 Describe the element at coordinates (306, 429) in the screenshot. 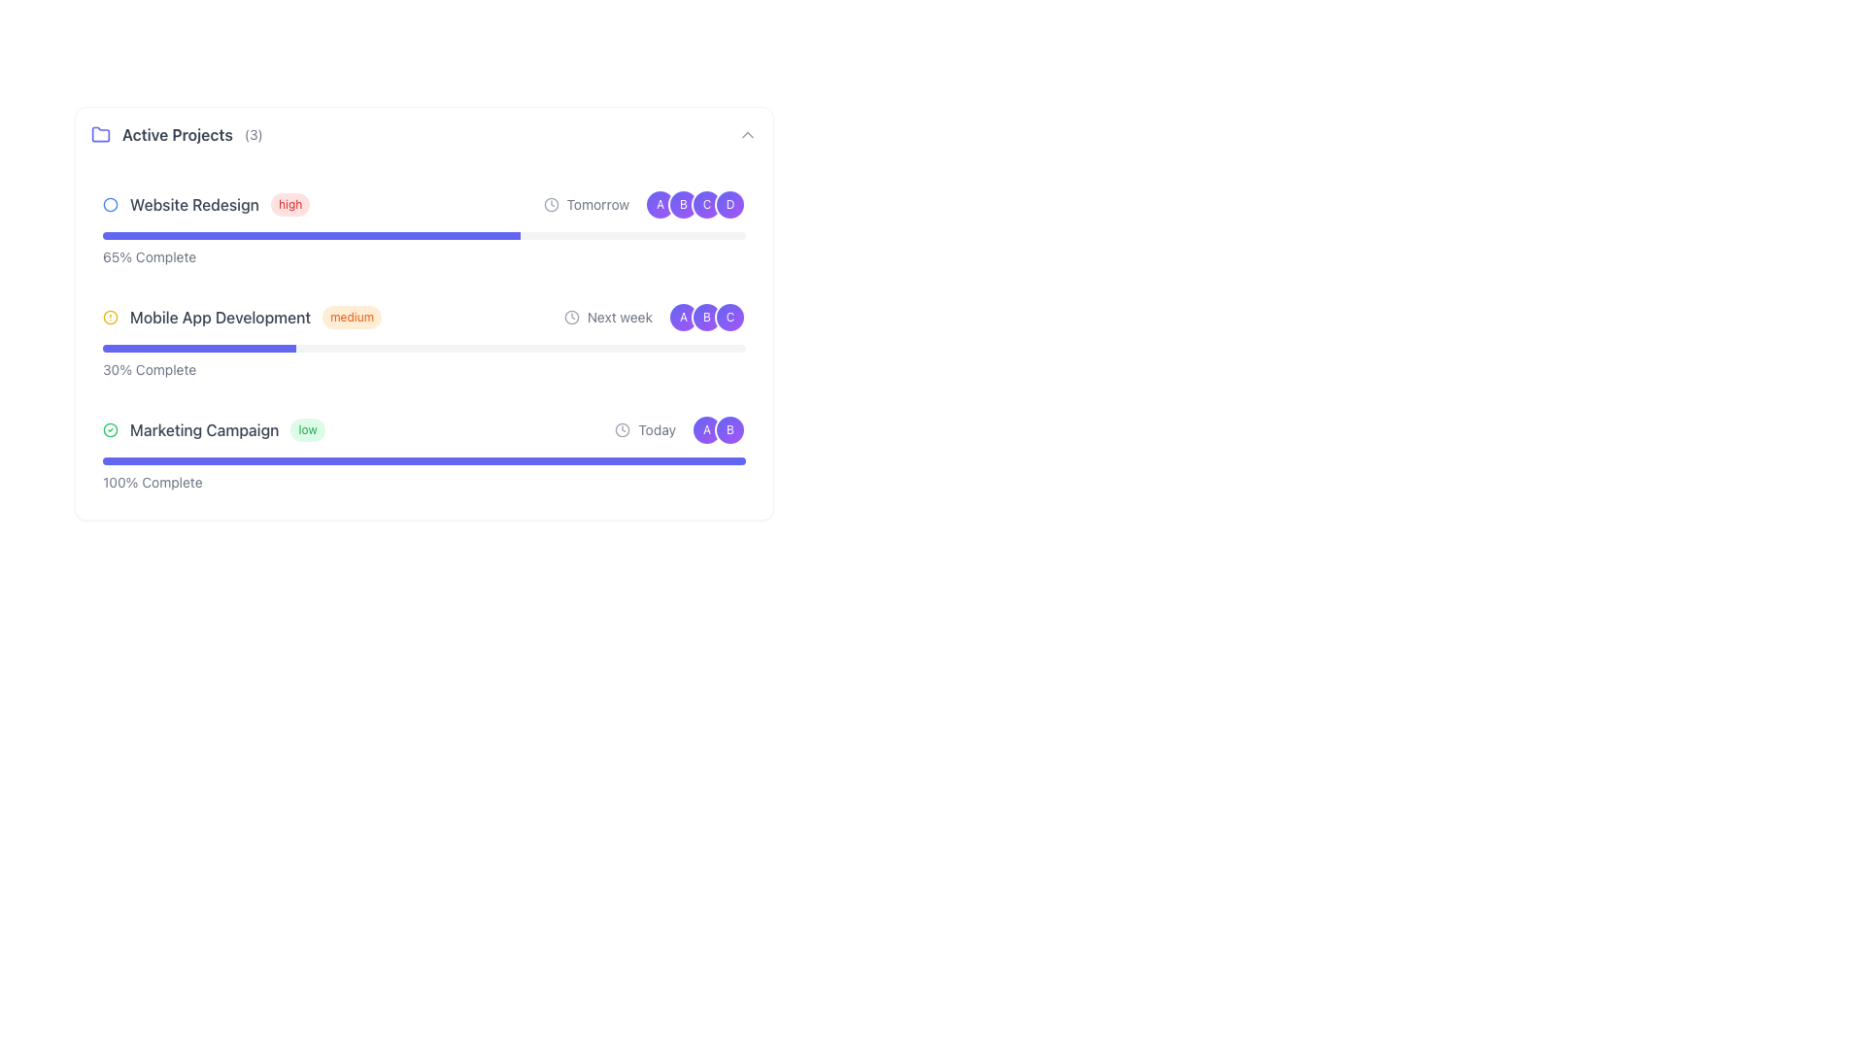

I see `text from the label indicating the 'low' priority level of the 'Marketing Campaign', which is positioned to the right of the 'Marketing Campaign' text` at that location.